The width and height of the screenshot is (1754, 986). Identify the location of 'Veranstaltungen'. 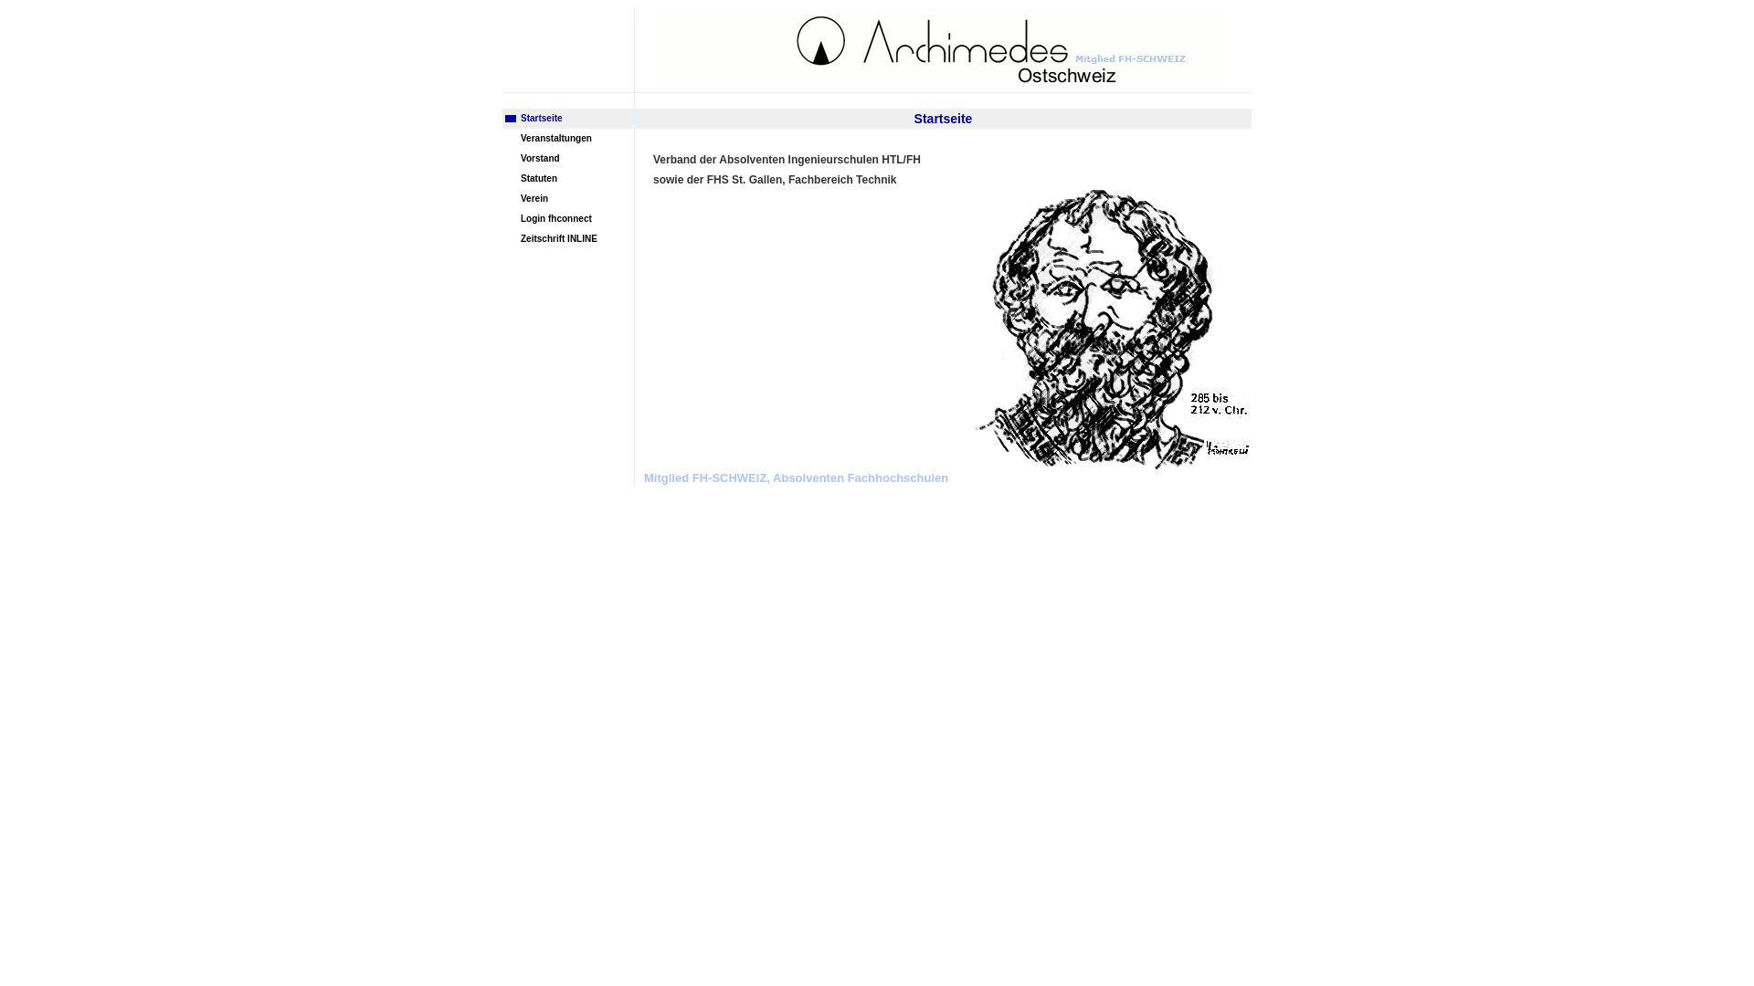
(502, 137).